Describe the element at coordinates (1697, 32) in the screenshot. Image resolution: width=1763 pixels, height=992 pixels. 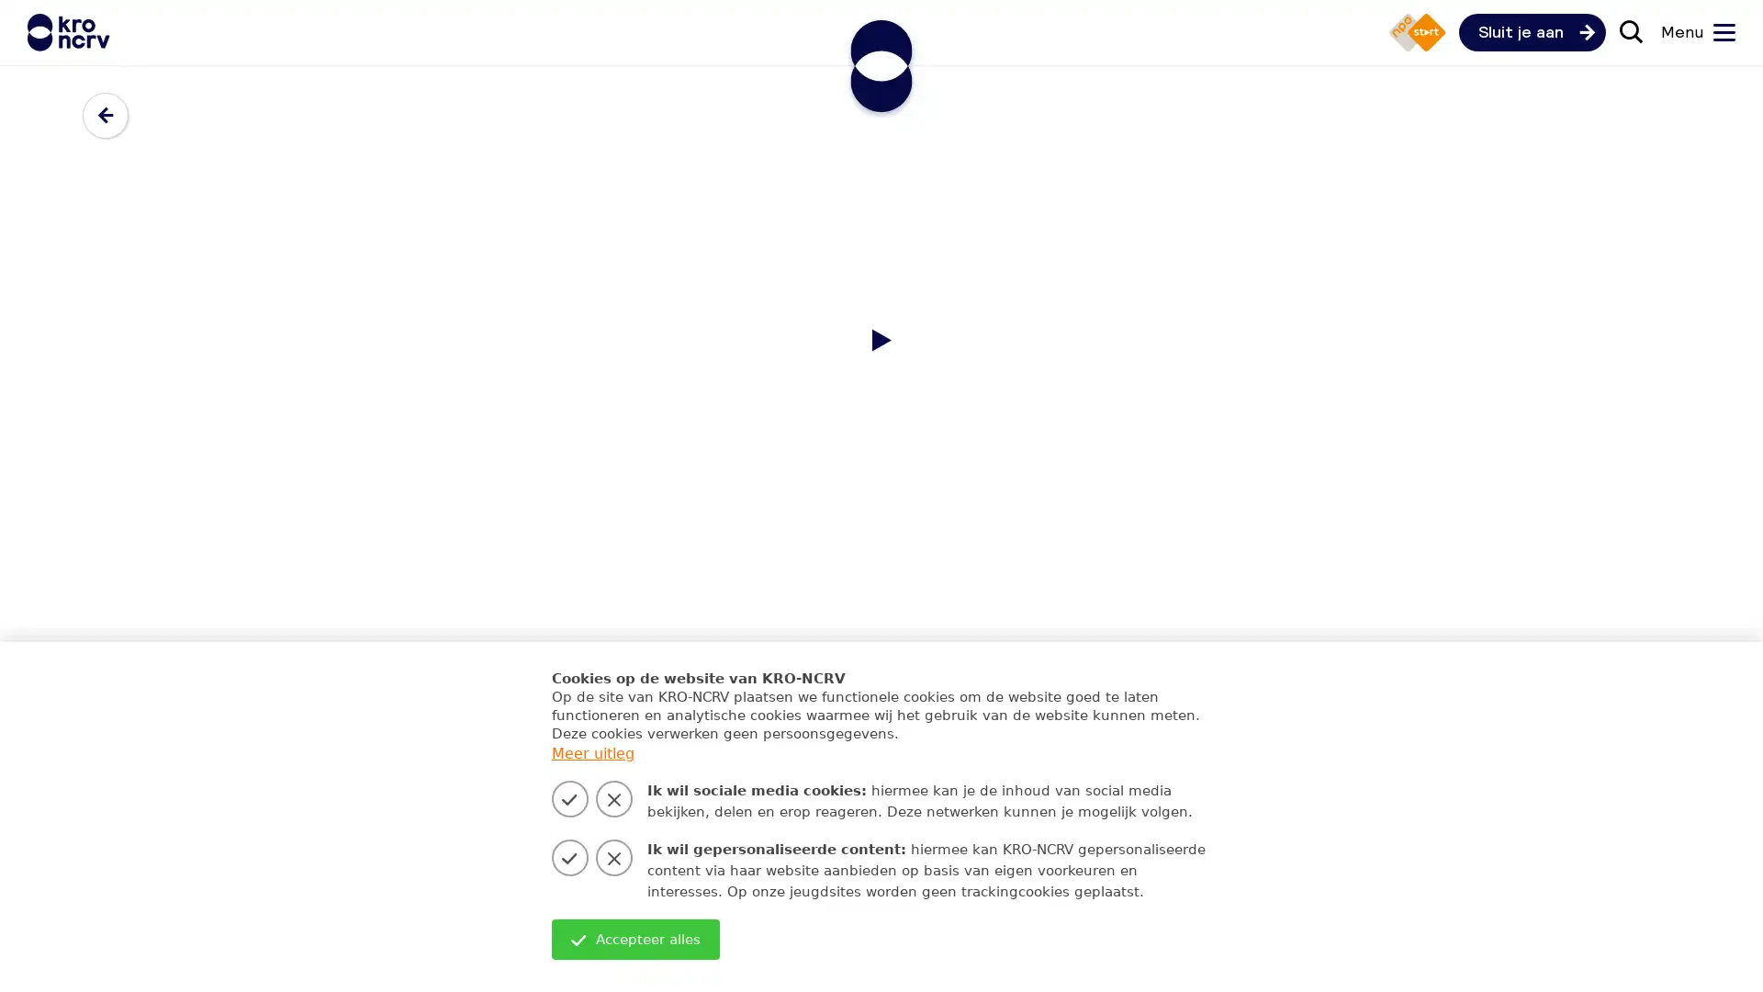
I see `Menu` at that location.